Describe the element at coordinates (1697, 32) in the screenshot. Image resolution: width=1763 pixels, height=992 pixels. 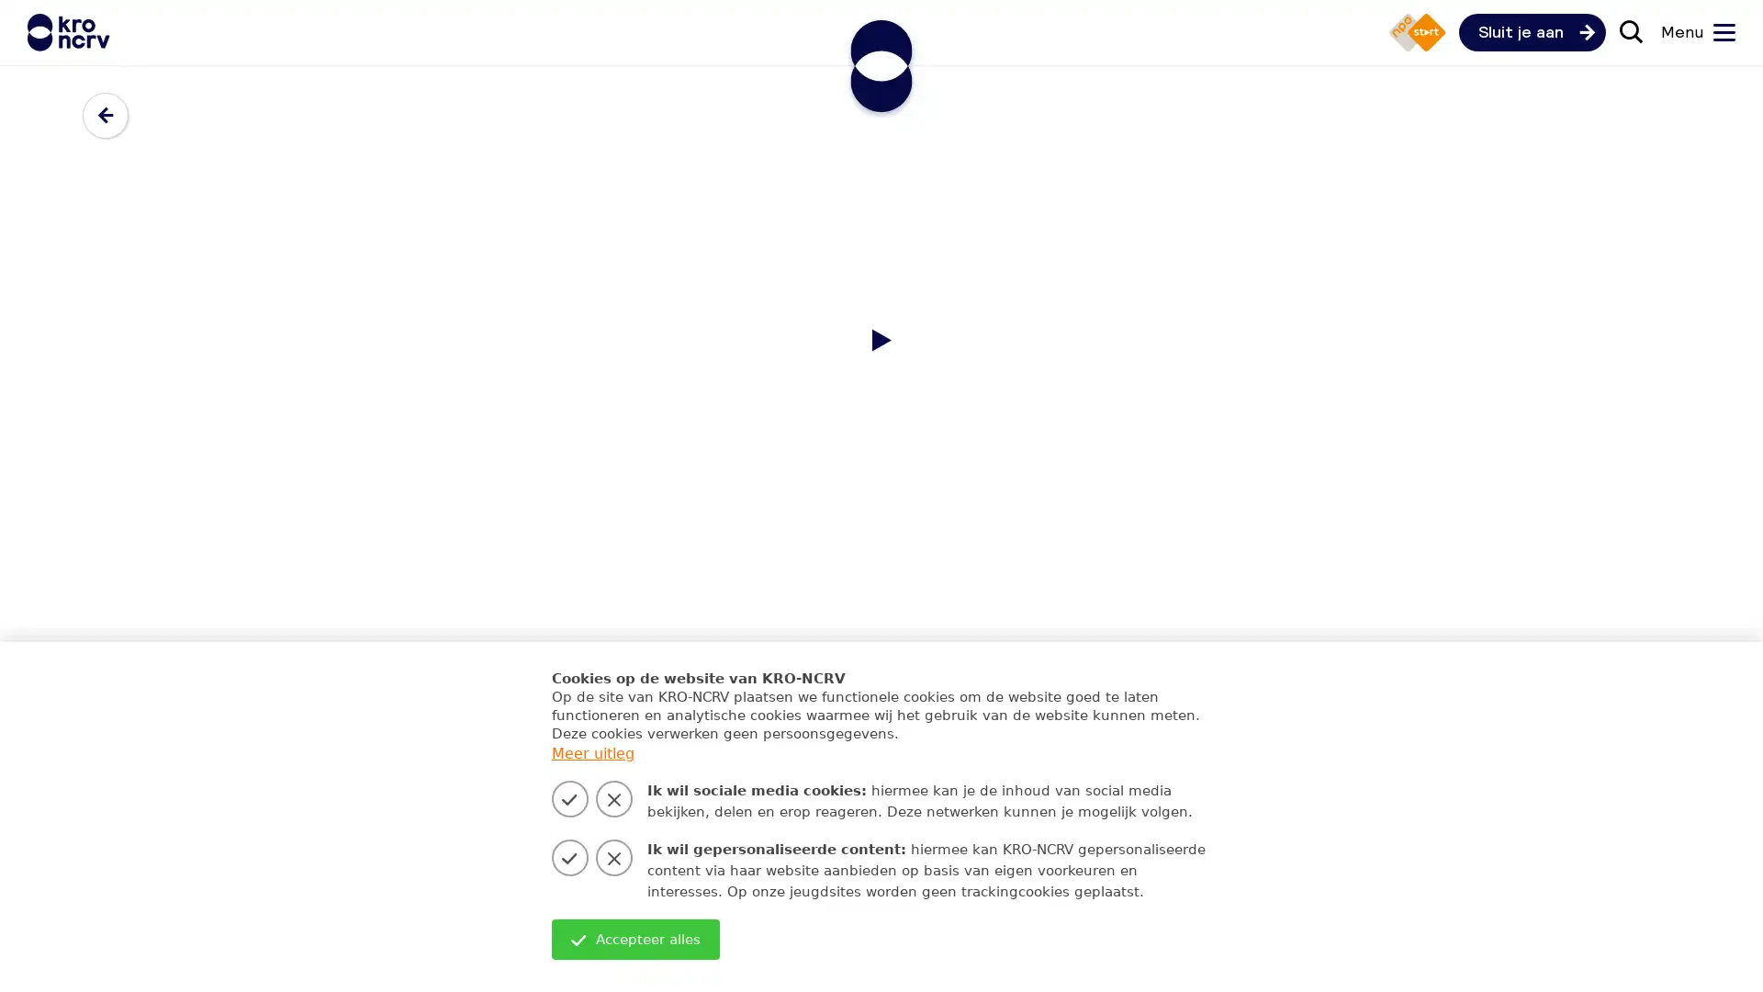
I see `Menu` at that location.